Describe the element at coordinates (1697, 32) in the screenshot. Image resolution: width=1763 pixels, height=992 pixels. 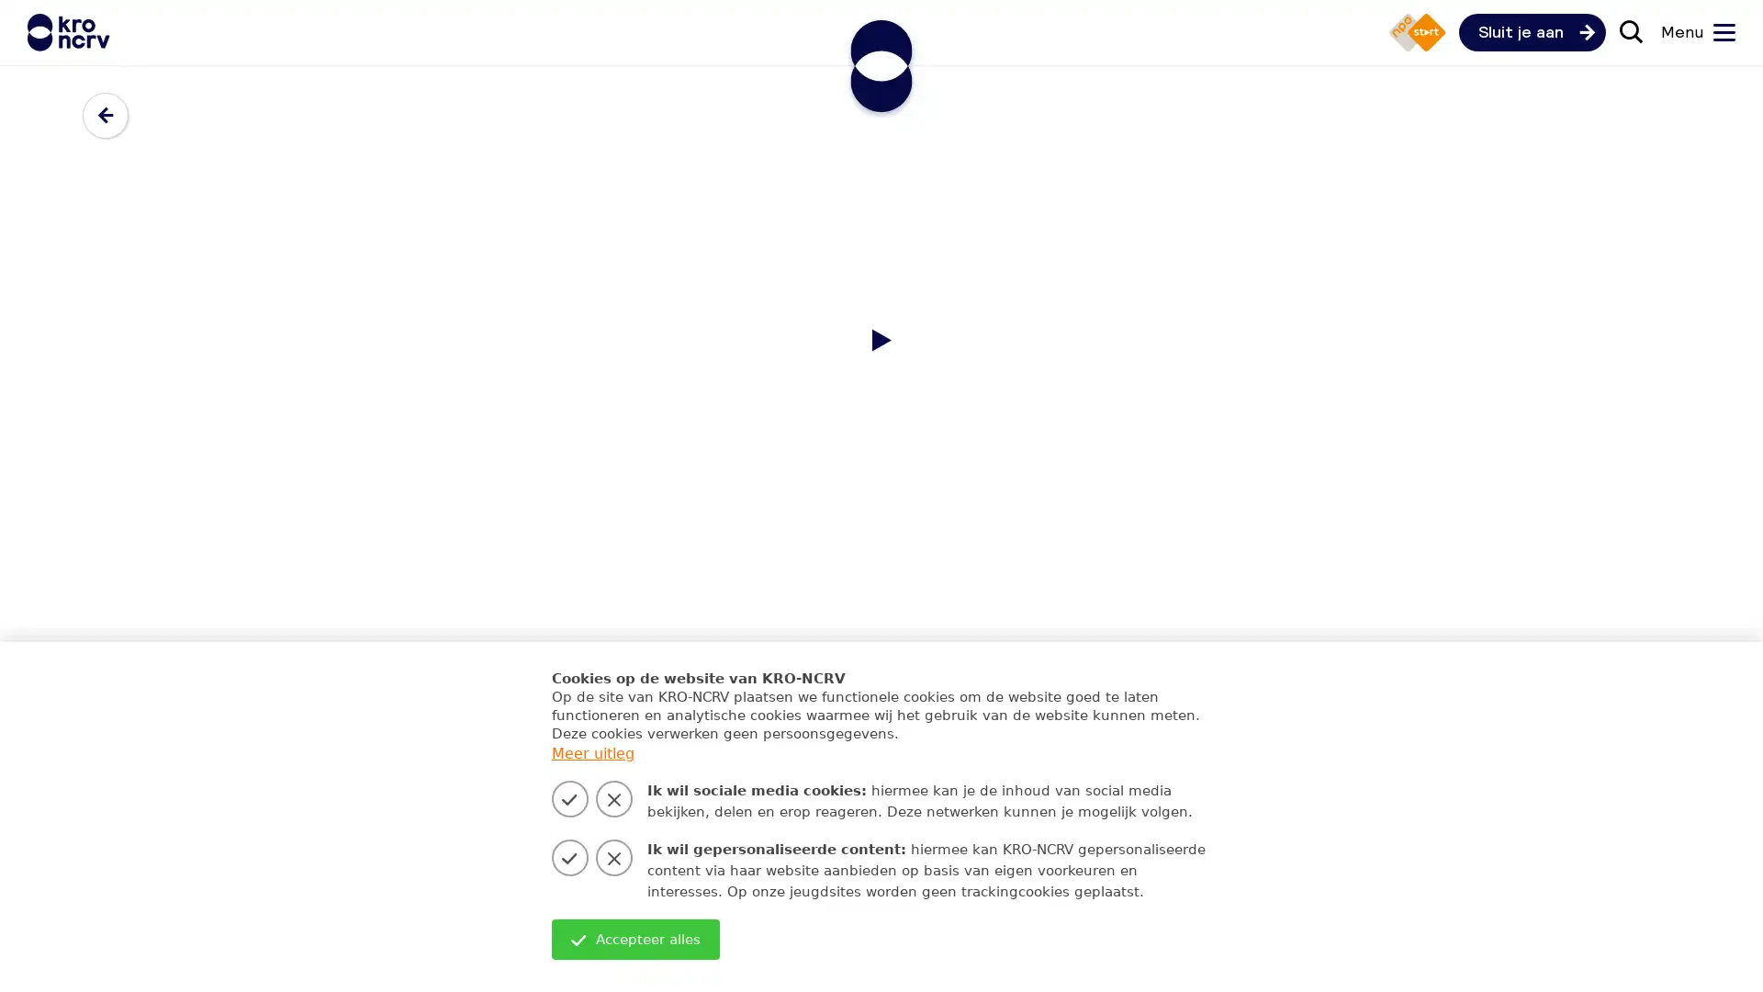
I see `Menu` at that location.